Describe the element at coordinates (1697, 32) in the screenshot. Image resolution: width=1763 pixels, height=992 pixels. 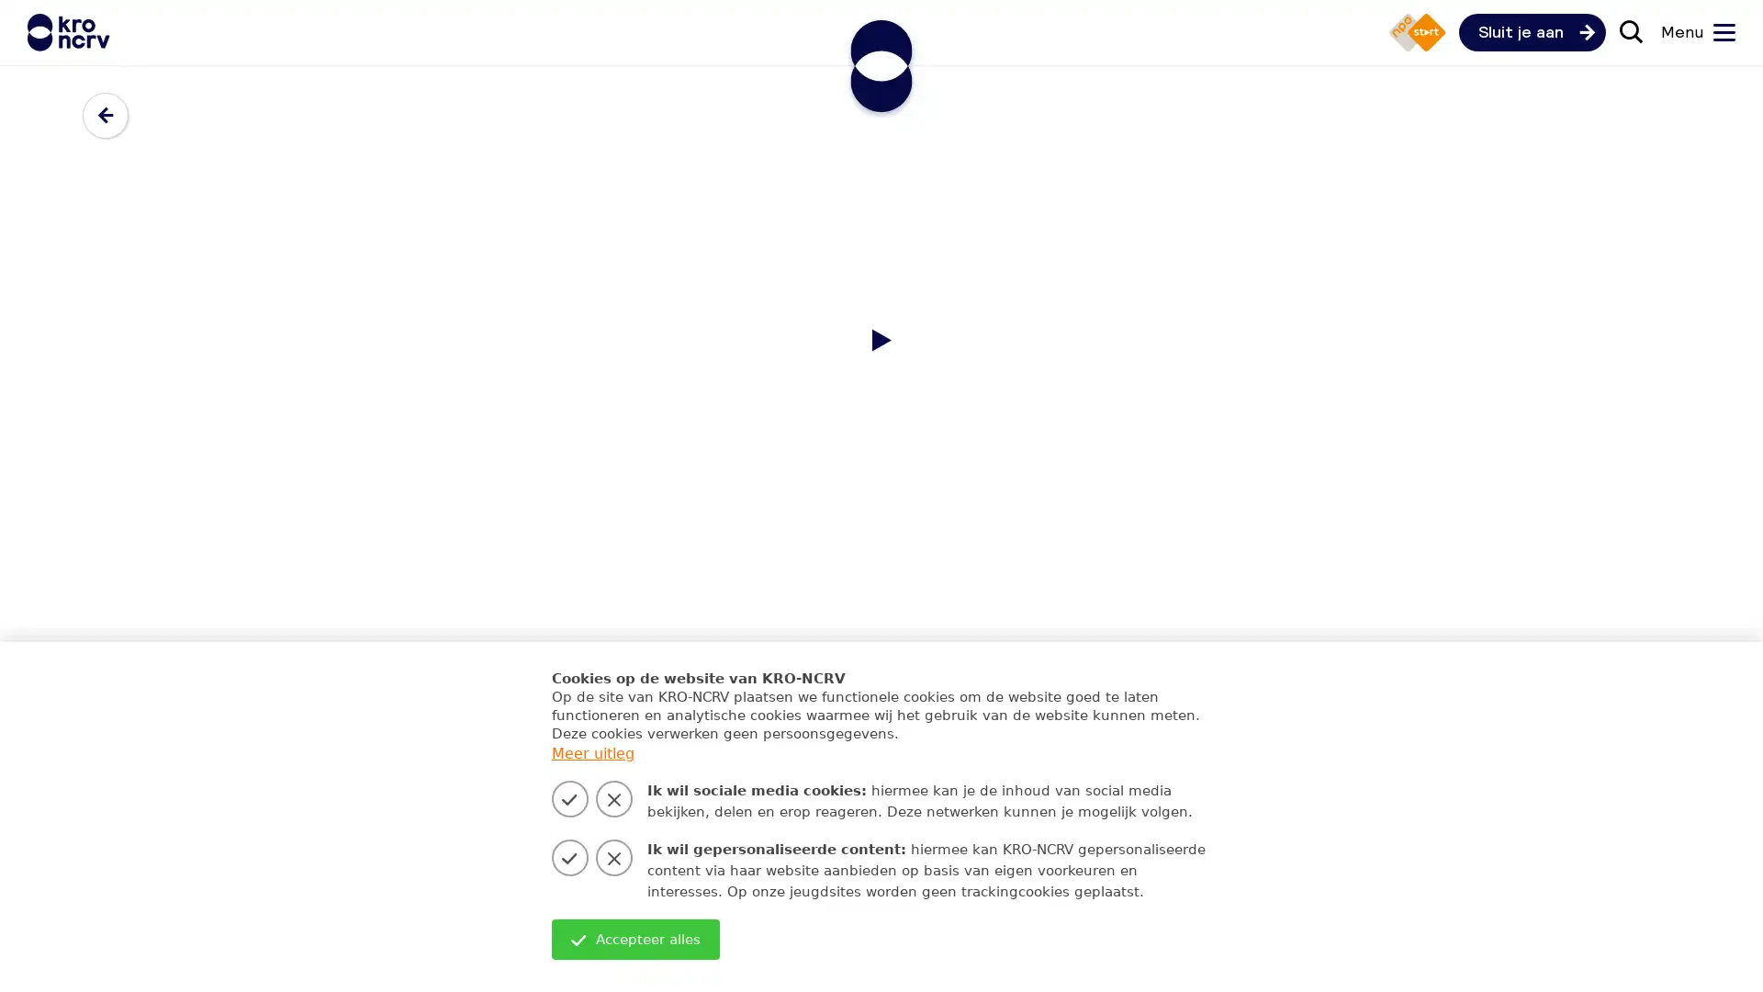
I see `Menu` at that location.